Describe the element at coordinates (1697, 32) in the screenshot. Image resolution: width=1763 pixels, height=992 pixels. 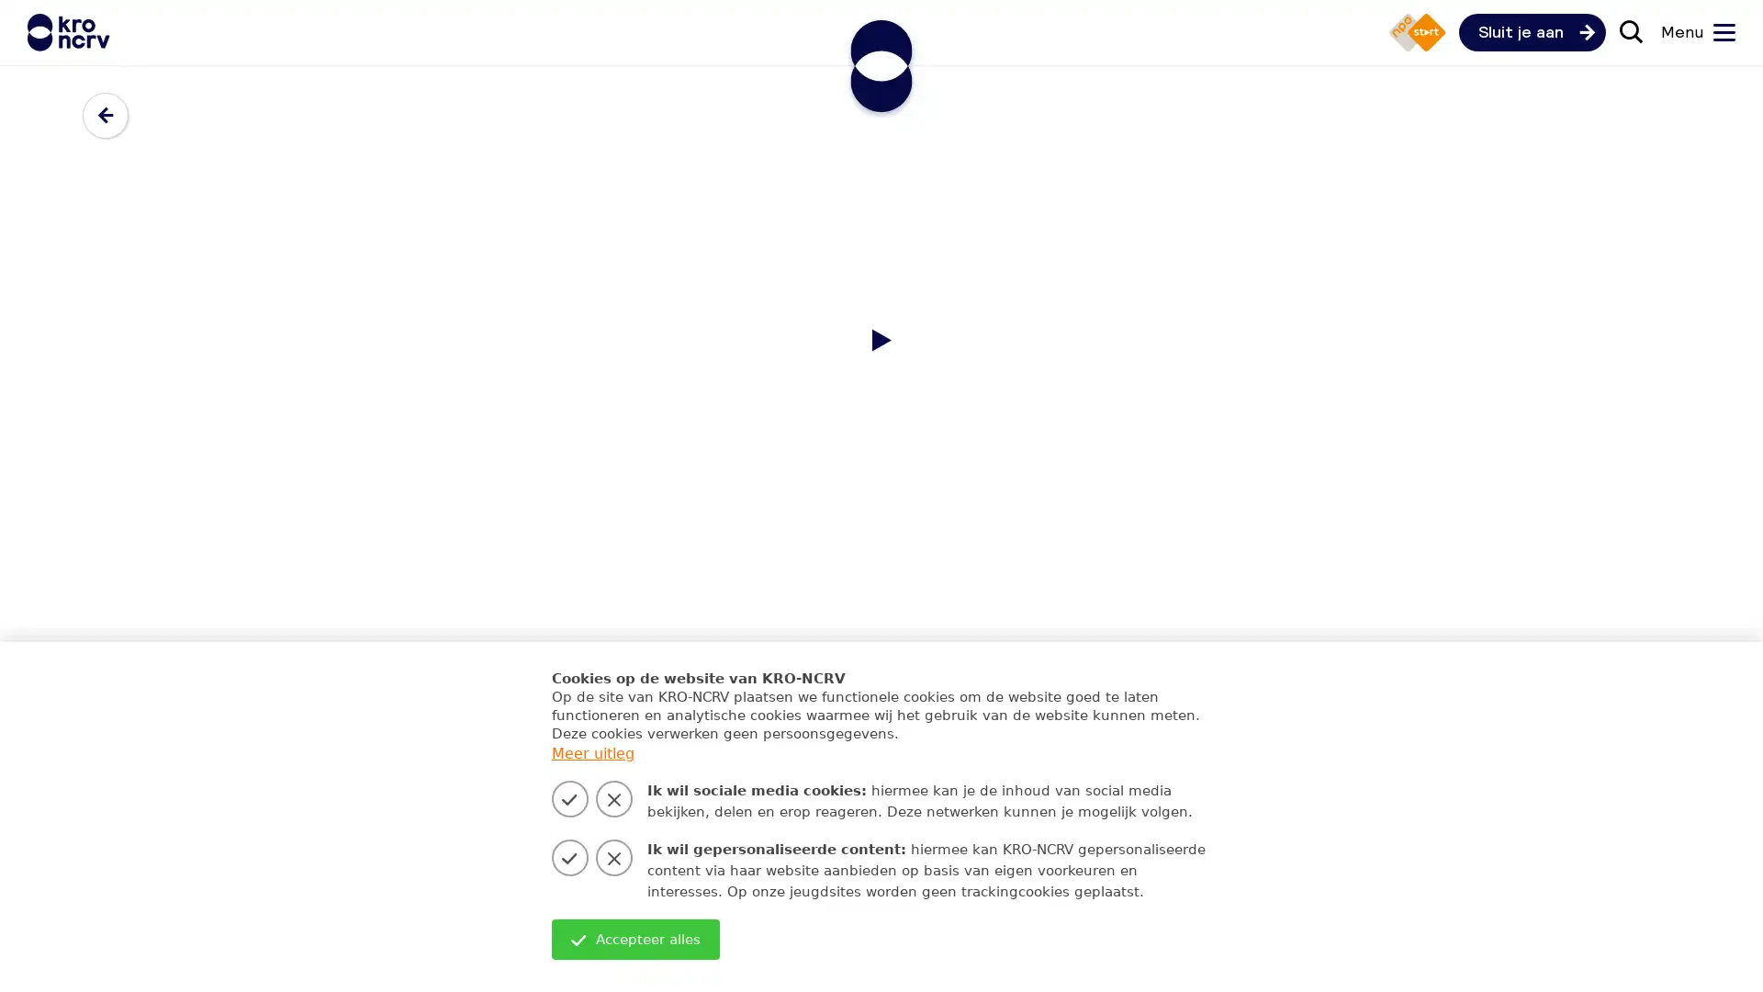
I see `Menu` at that location.